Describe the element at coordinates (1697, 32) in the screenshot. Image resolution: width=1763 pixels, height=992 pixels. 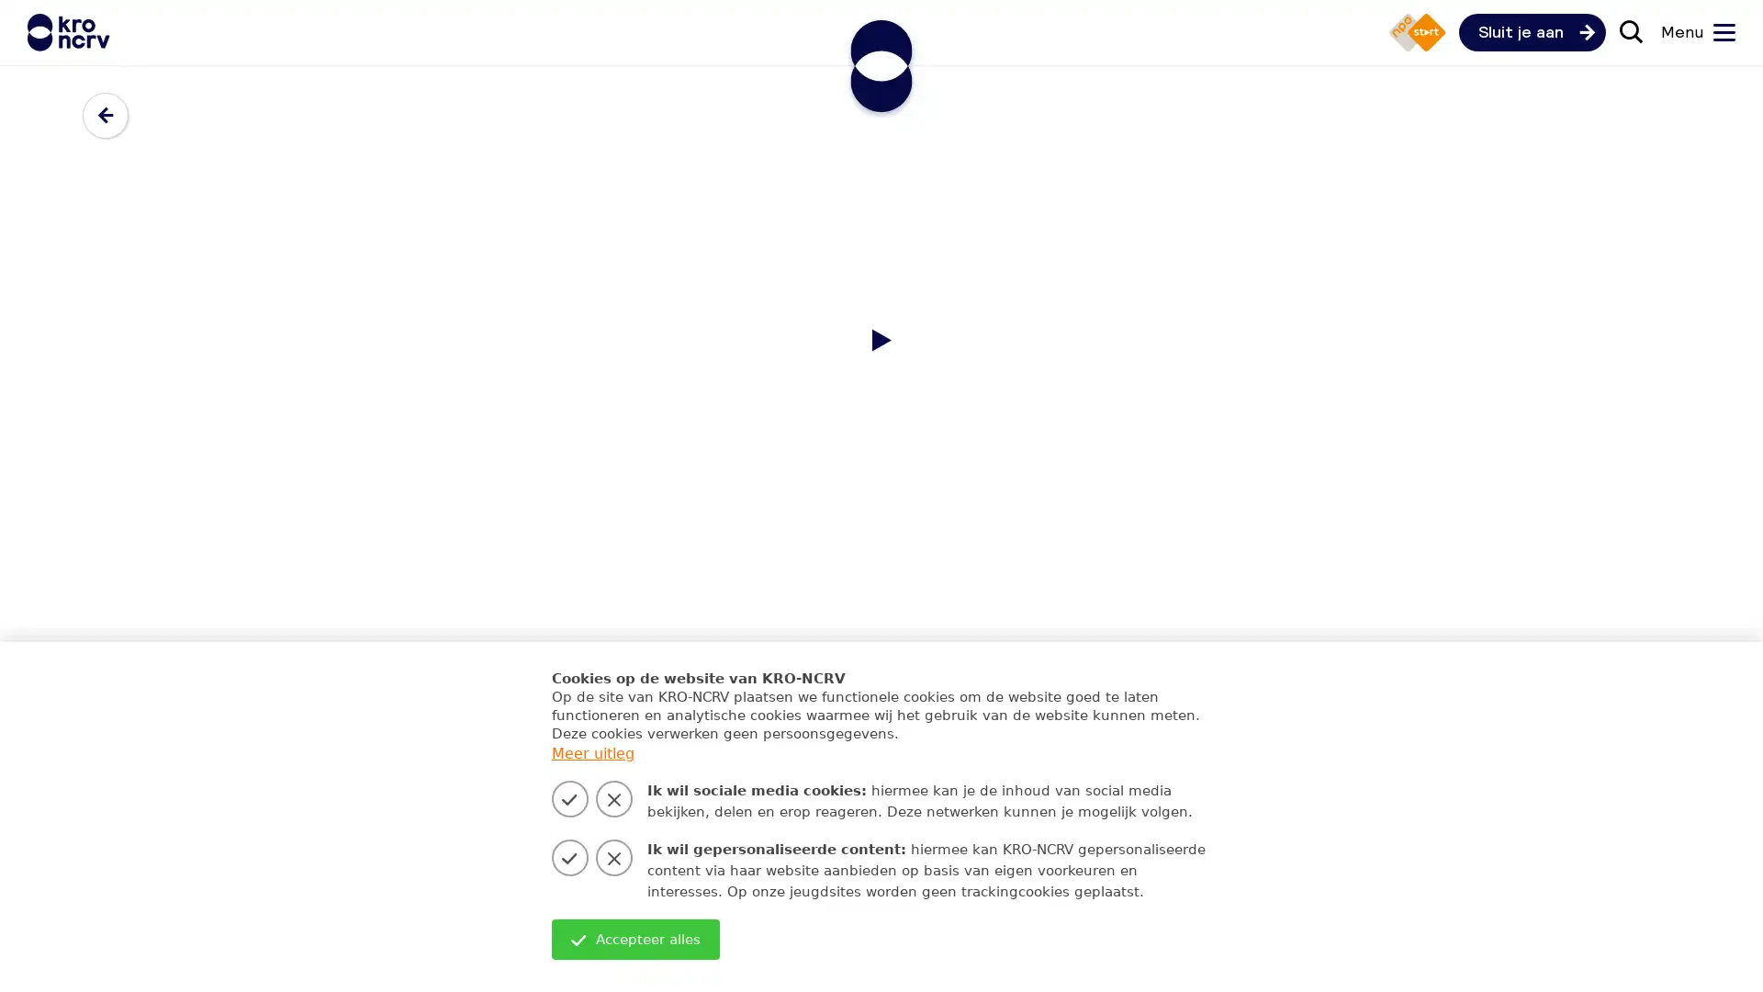
I see `Menu` at that location.